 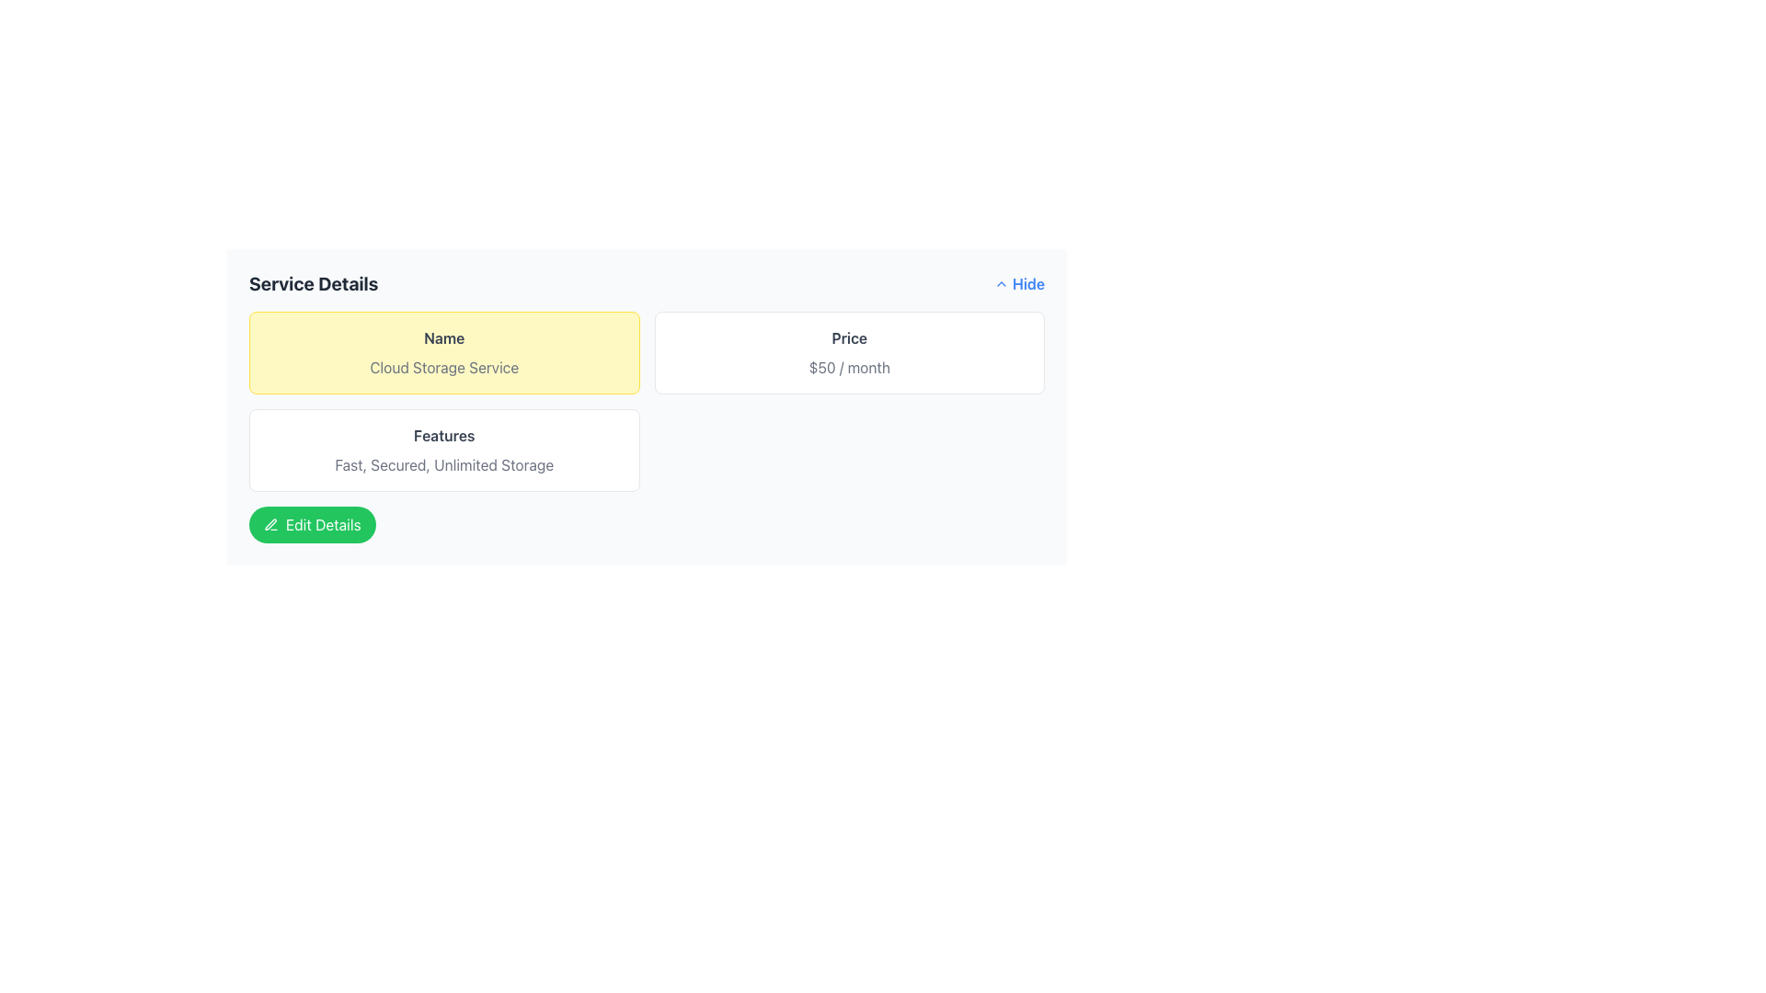 What do you see at coordinates (312, 524) in the screenshot?
I see `the green 'Edit Details' button with rounded edges and a pencil icon to invoke editing functionality` at bounding box center [312, 524].